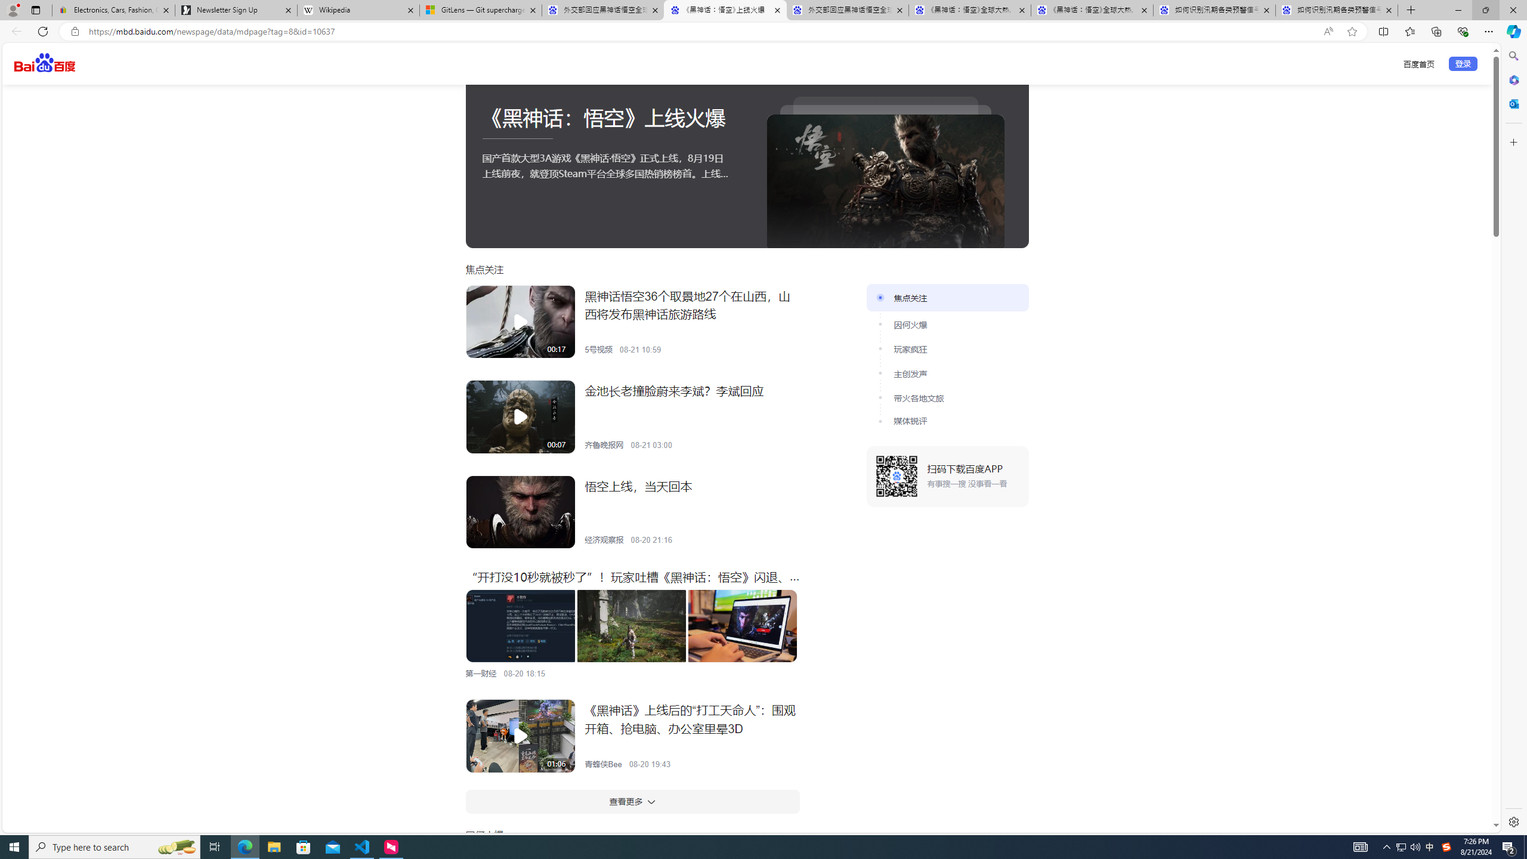  I want to click on 'Newsletter Sign Up', so click(236, 10).